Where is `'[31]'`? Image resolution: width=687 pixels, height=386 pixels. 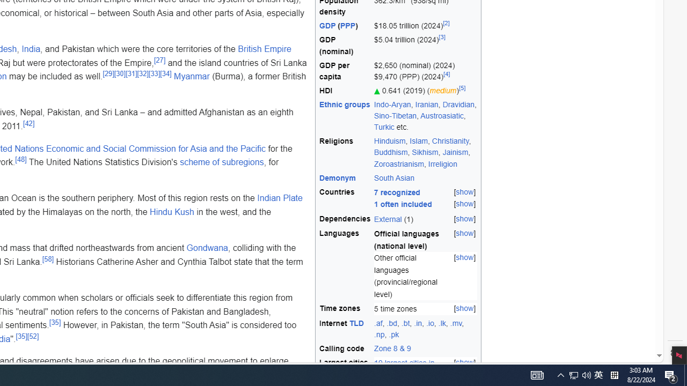
'[31]' is located at coordinates (131, 72).